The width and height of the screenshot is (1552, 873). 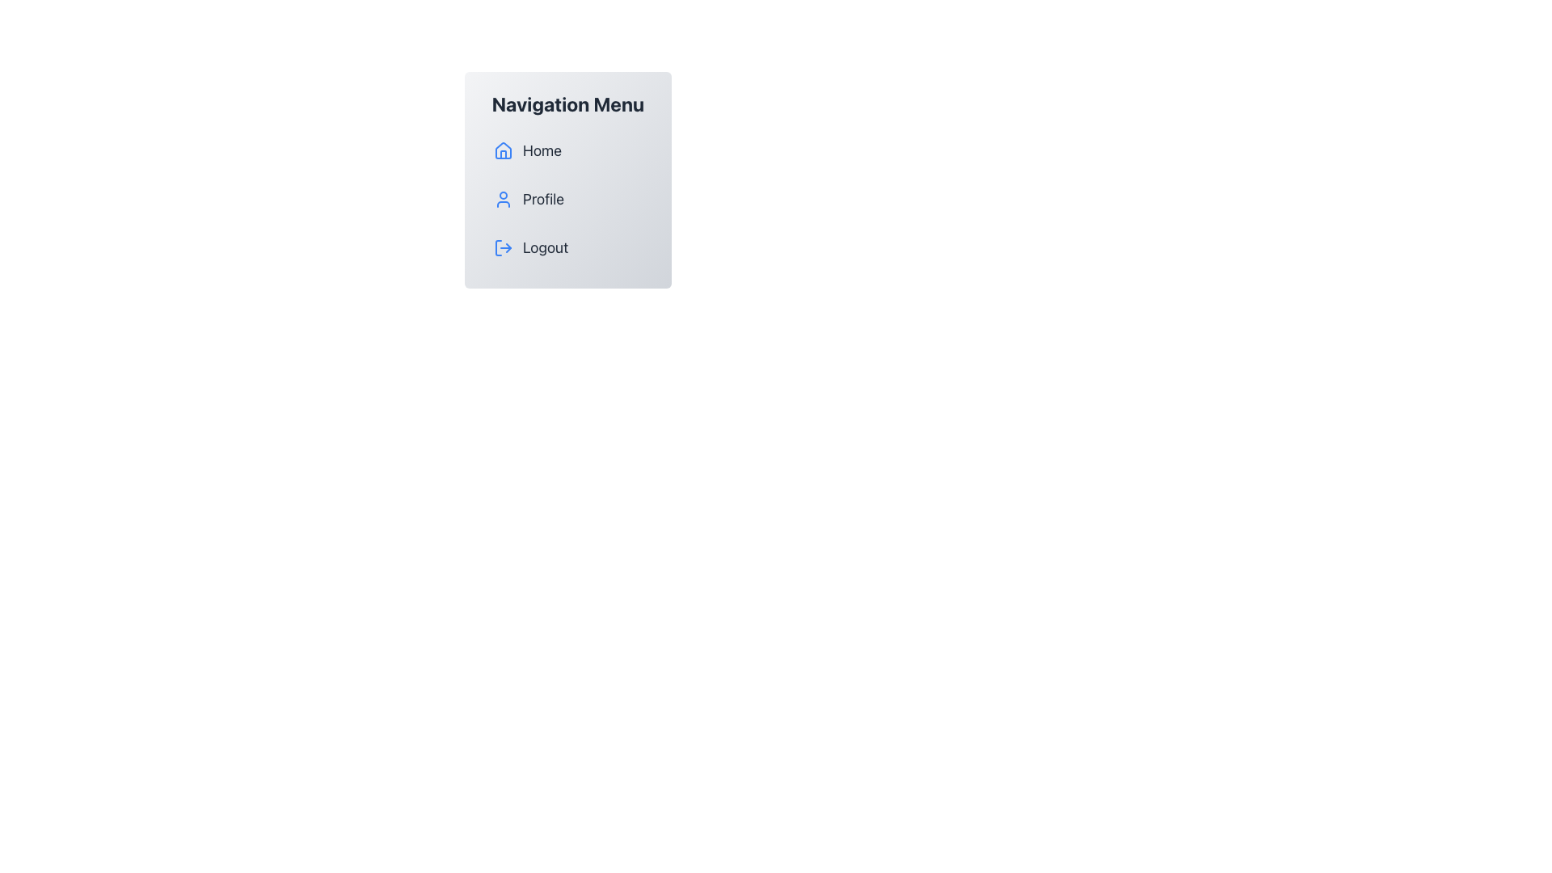 I want to click on the Navigation Menu Component, so click(x=567, y=180).